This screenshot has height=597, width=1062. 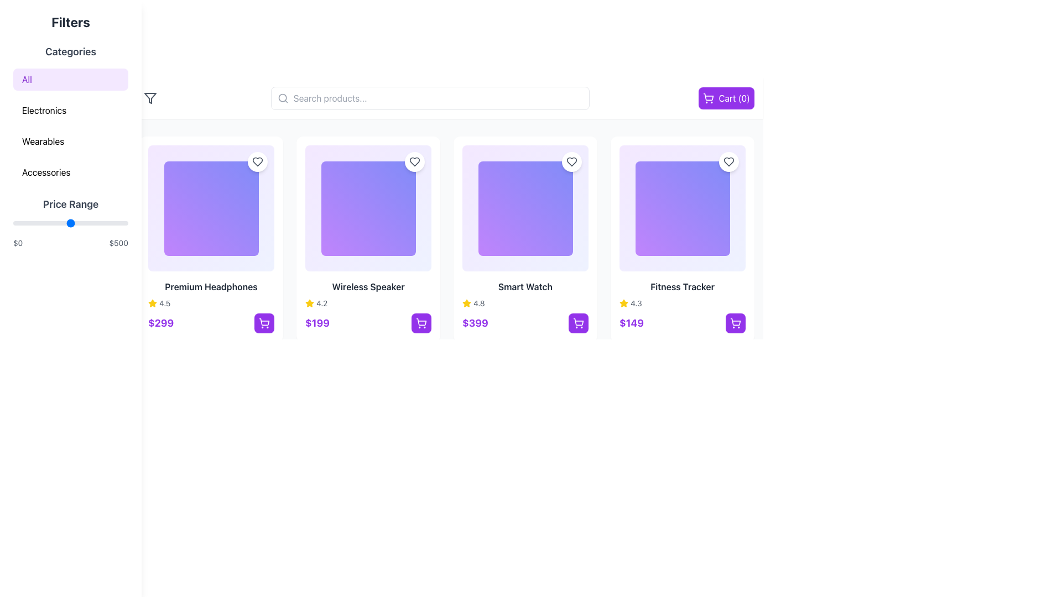 I want to click on the 'Wearables' category button, which is the third item in the 'Categories' section, so click(x=70, y=130).